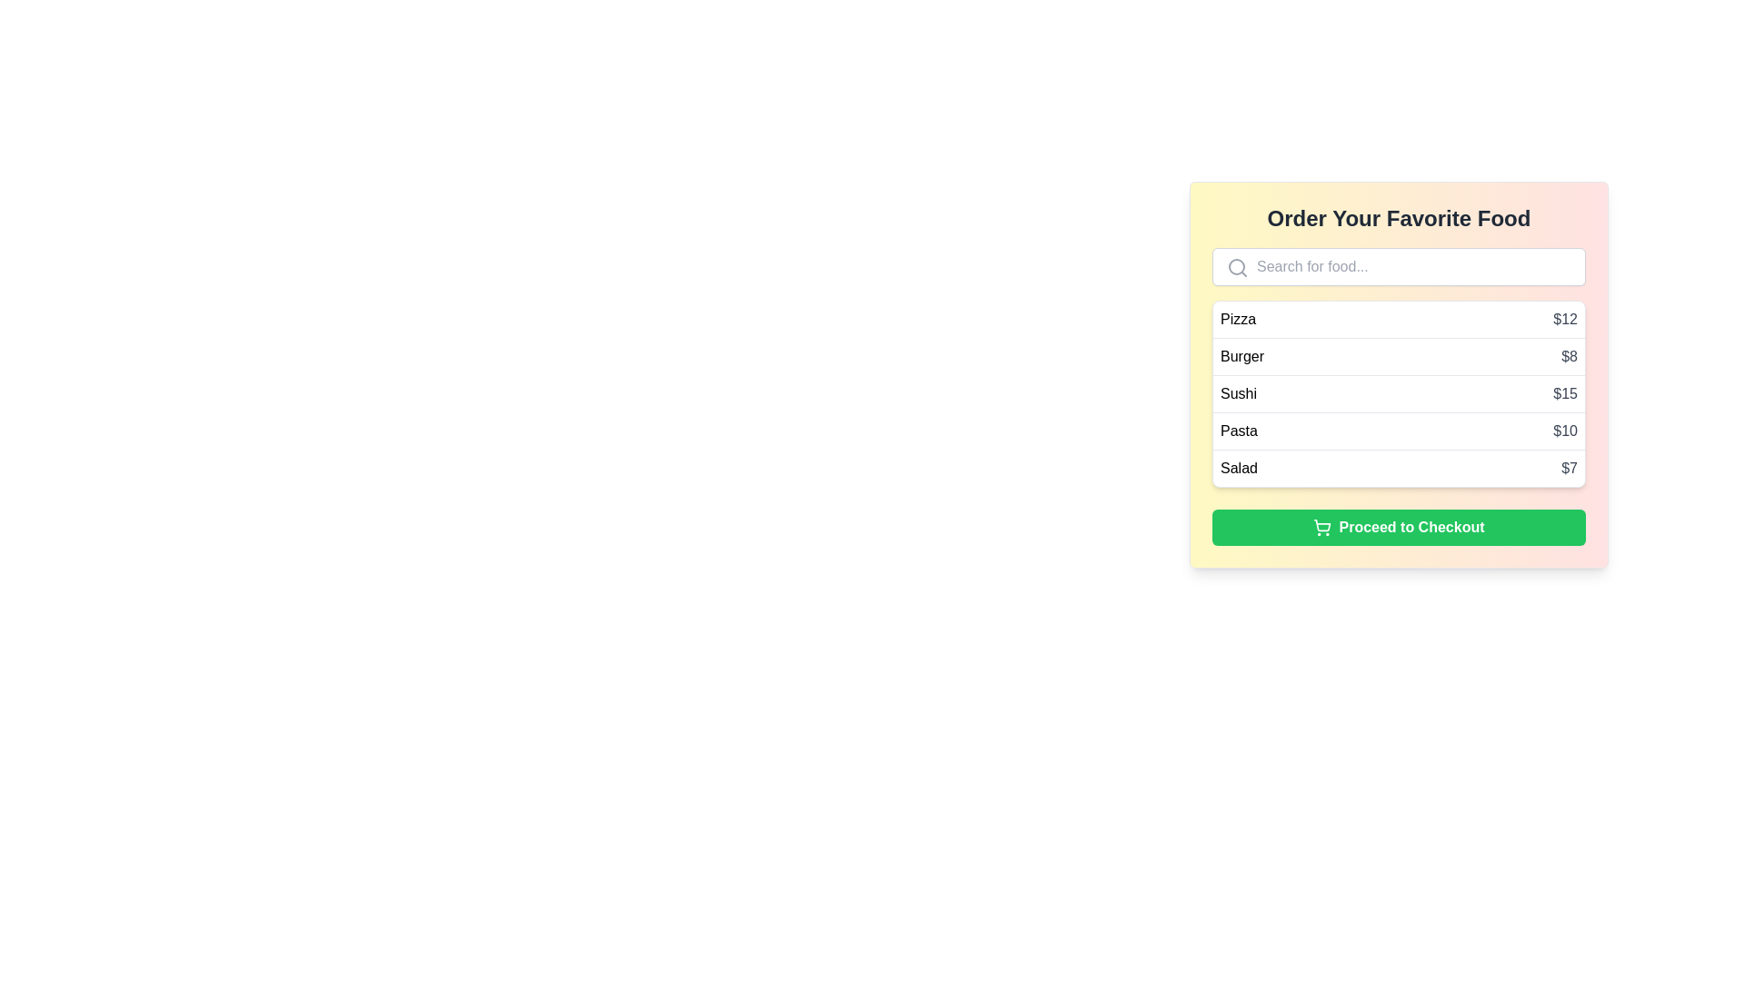 The height and width of the screenshot is (981, 1745). Describe the element at coordinates (1569, 468) in the screenshot. I see `the static text displaying the price of the salad, which shows '$7' and is located to the right of the 'Salad' label in the menu list` at that location.